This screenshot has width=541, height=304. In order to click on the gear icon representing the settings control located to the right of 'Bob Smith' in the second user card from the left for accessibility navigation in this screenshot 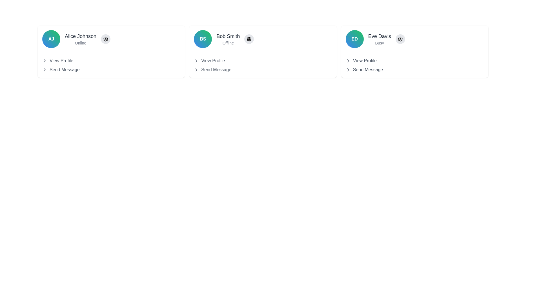, I will do `click(249, 39)`.